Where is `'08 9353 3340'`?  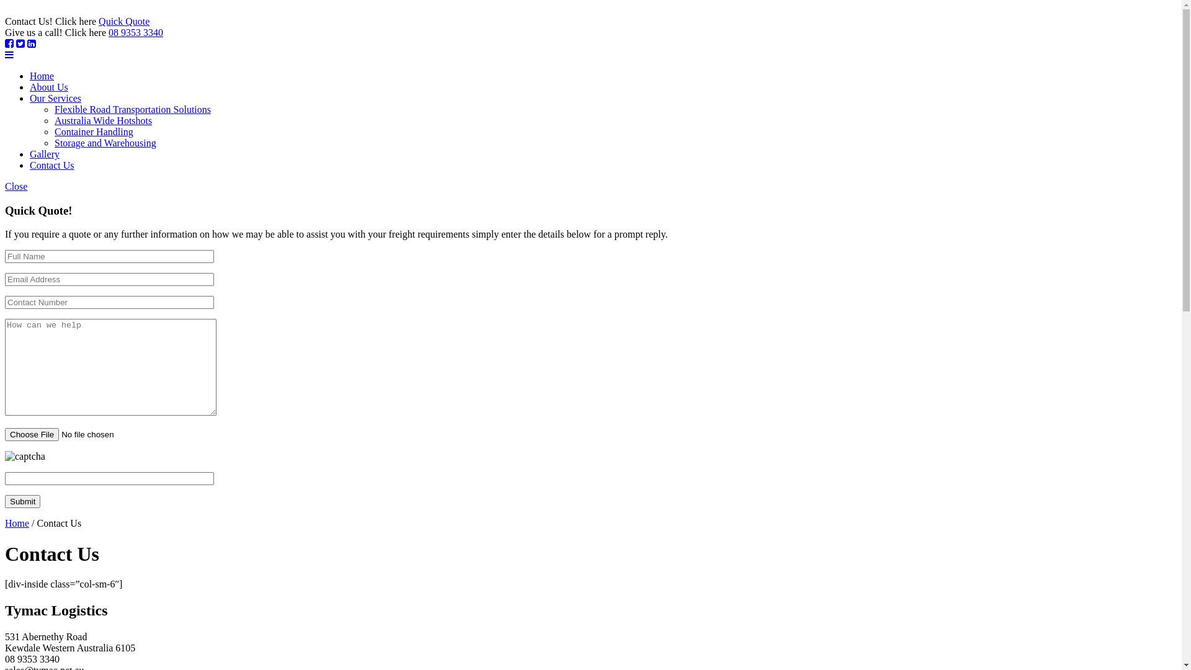
'08 9353 3340' is located at coordinates (136, 32).